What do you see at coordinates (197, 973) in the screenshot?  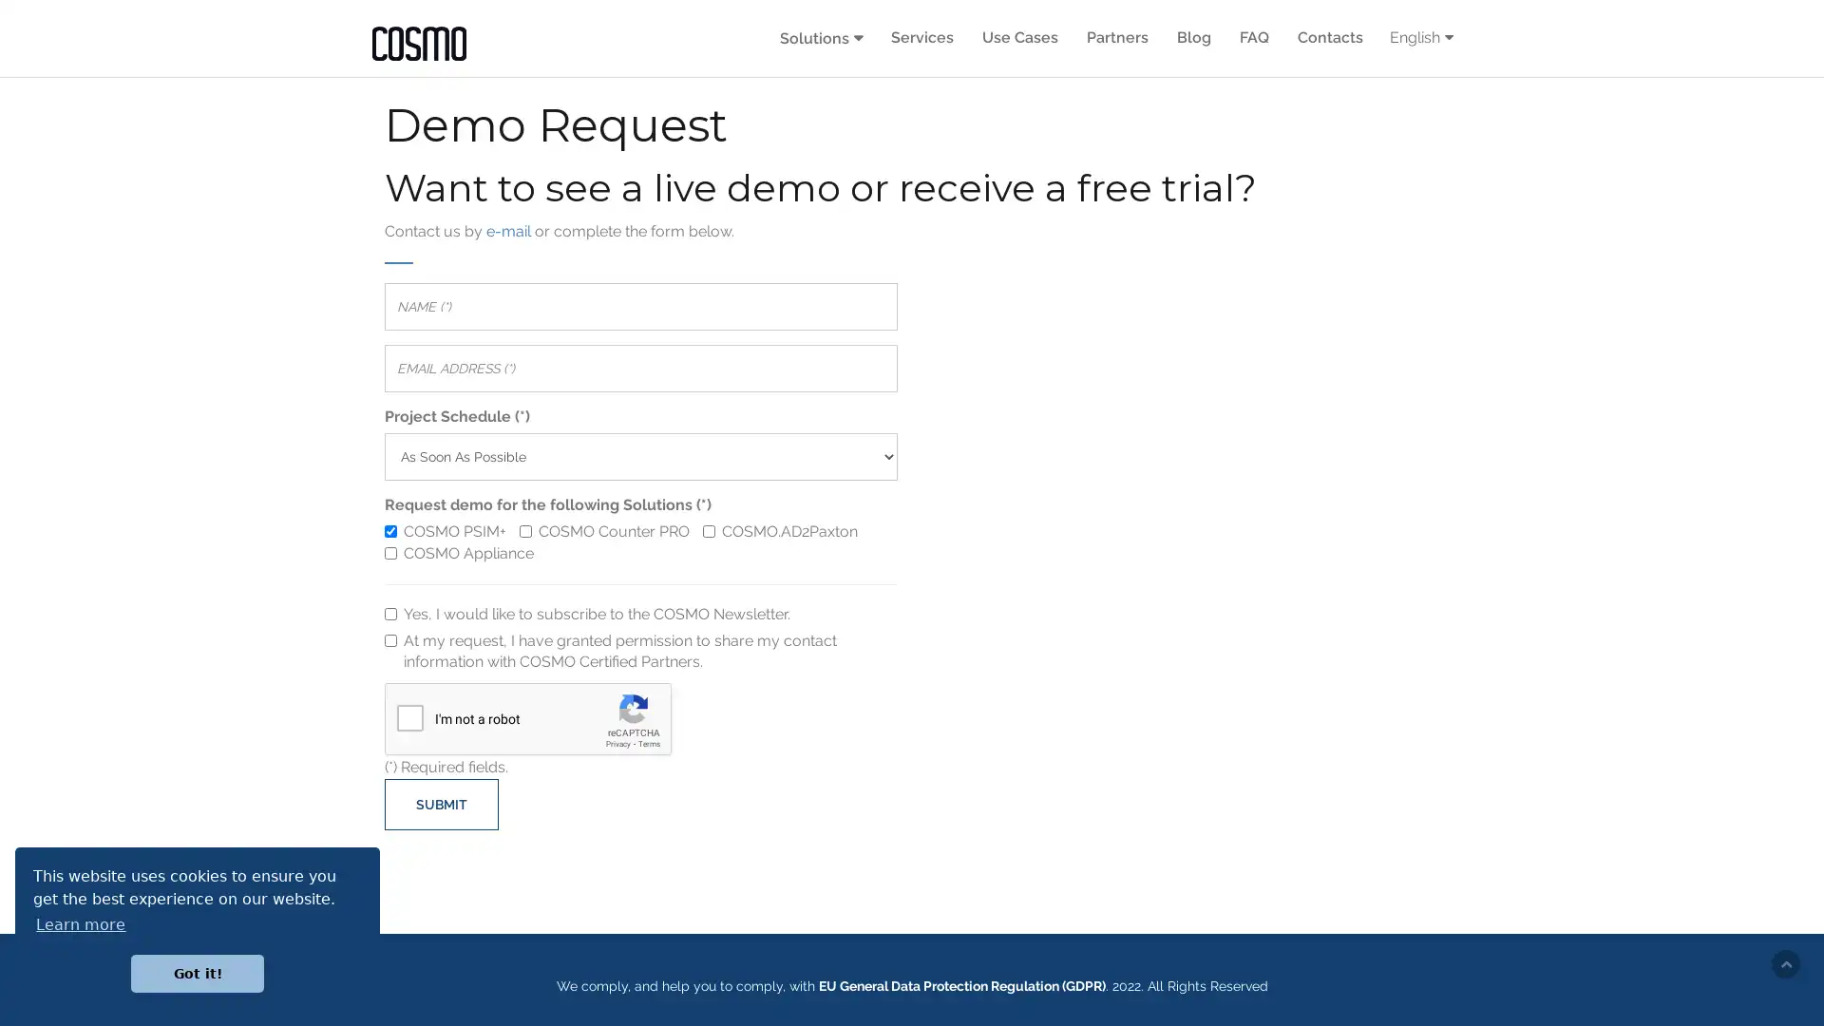 I see `dismiss cookie message` at bounding box center [197, 973].